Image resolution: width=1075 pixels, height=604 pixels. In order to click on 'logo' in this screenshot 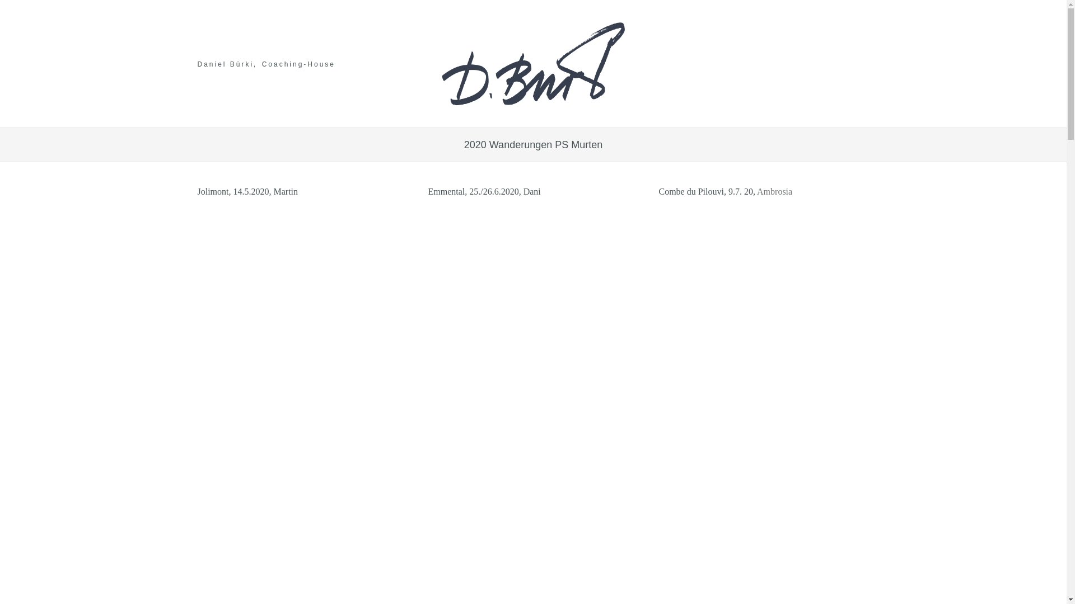, I will do `click(532, 64)`.